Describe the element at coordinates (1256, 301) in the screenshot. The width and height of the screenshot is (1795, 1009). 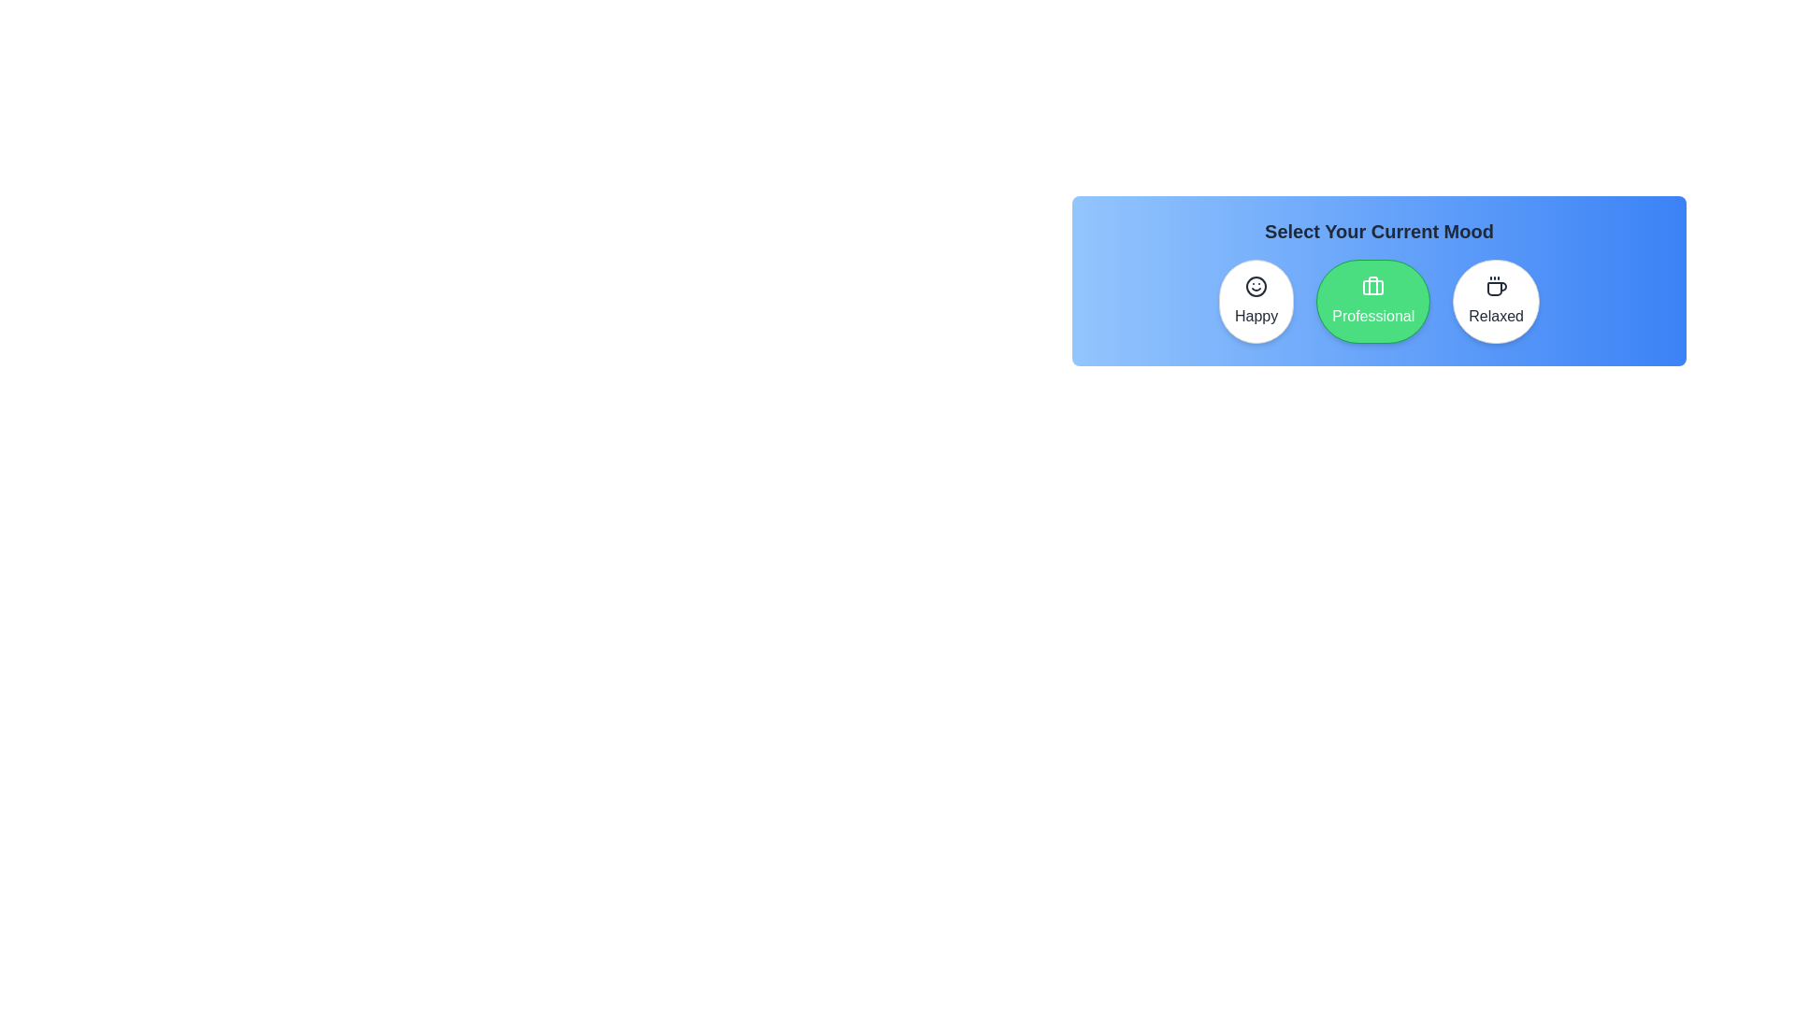
I see `the mood button corresponding to Happy` at that location.